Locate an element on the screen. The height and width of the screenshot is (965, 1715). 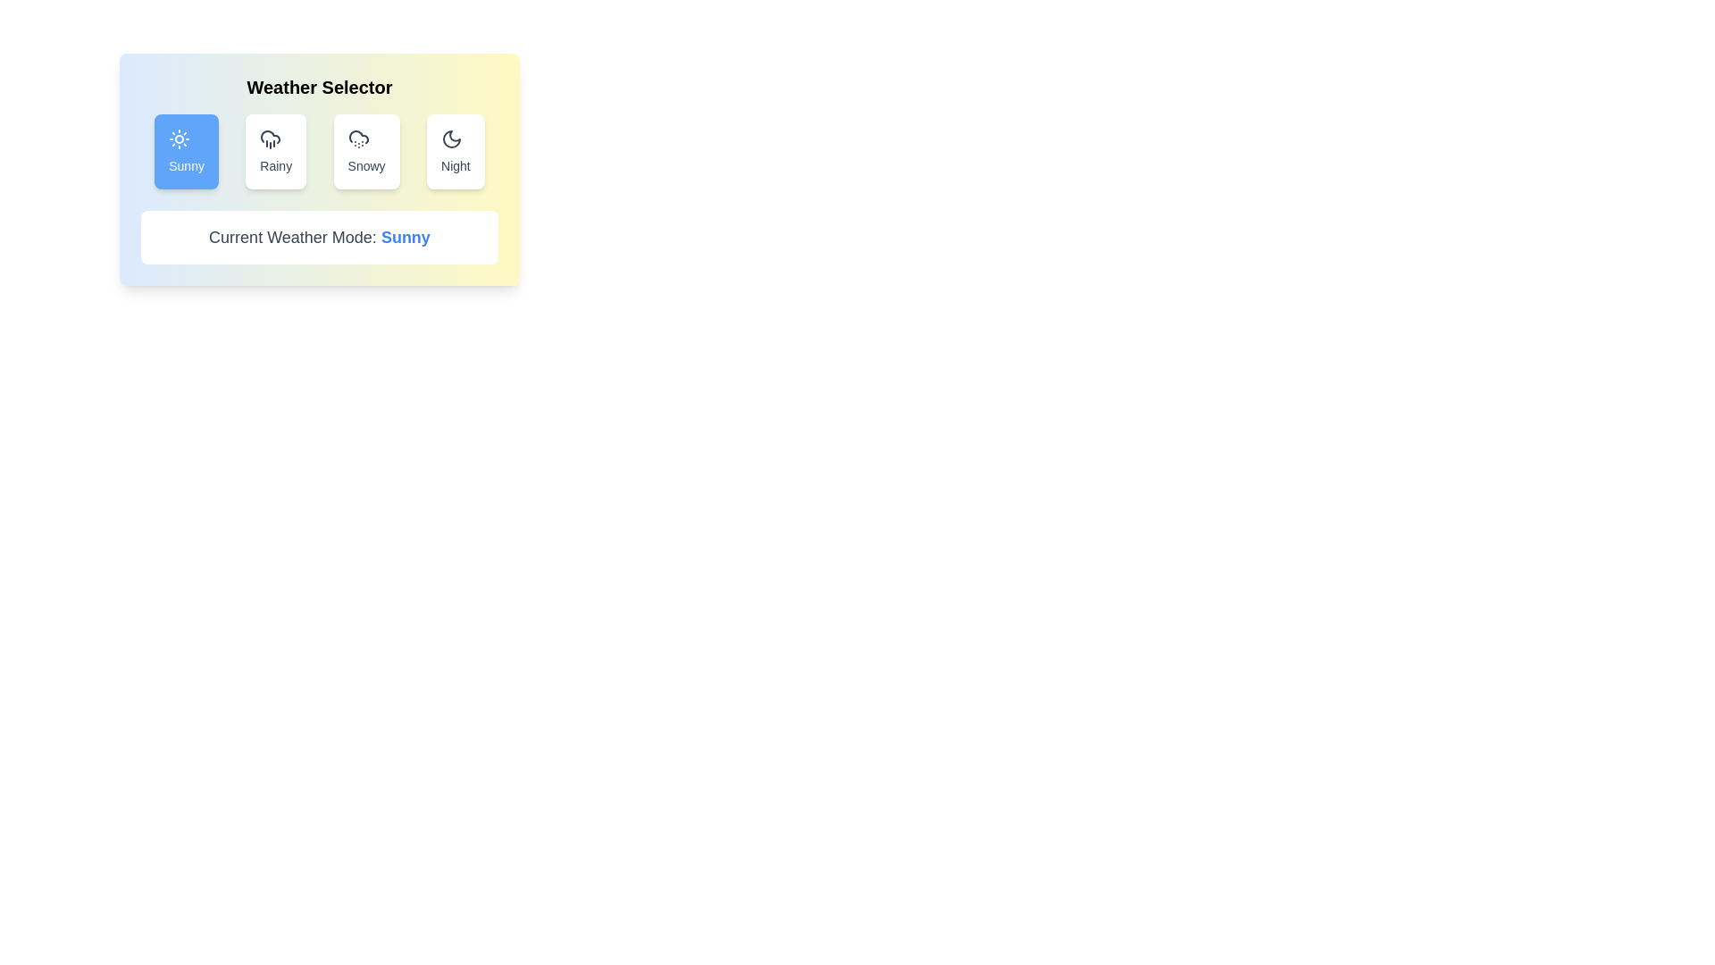
the weather option Snowy by clicking its corresponding button is located at coordinates (364, 150).